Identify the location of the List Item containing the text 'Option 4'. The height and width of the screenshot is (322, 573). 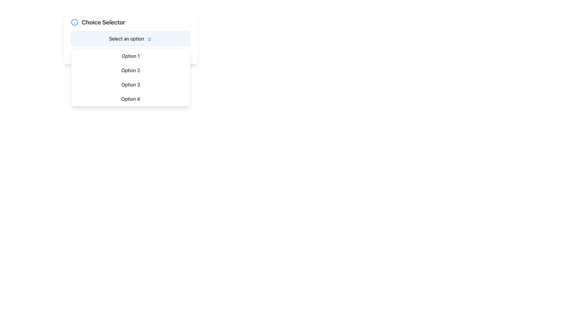
(130, 98).